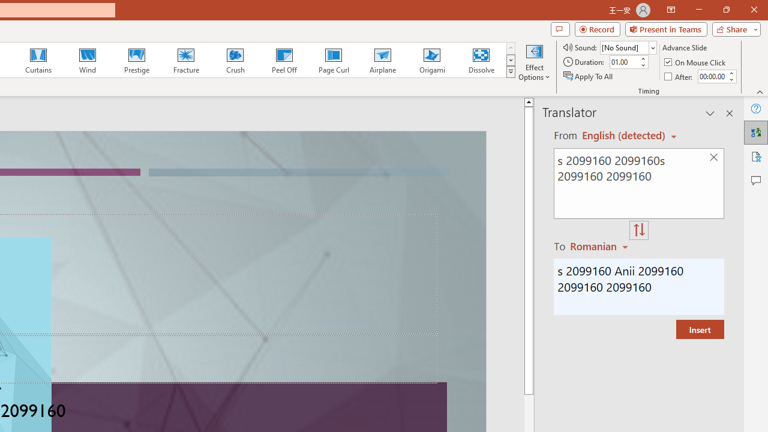  I want to click on 'Duration', so click(624, 62).